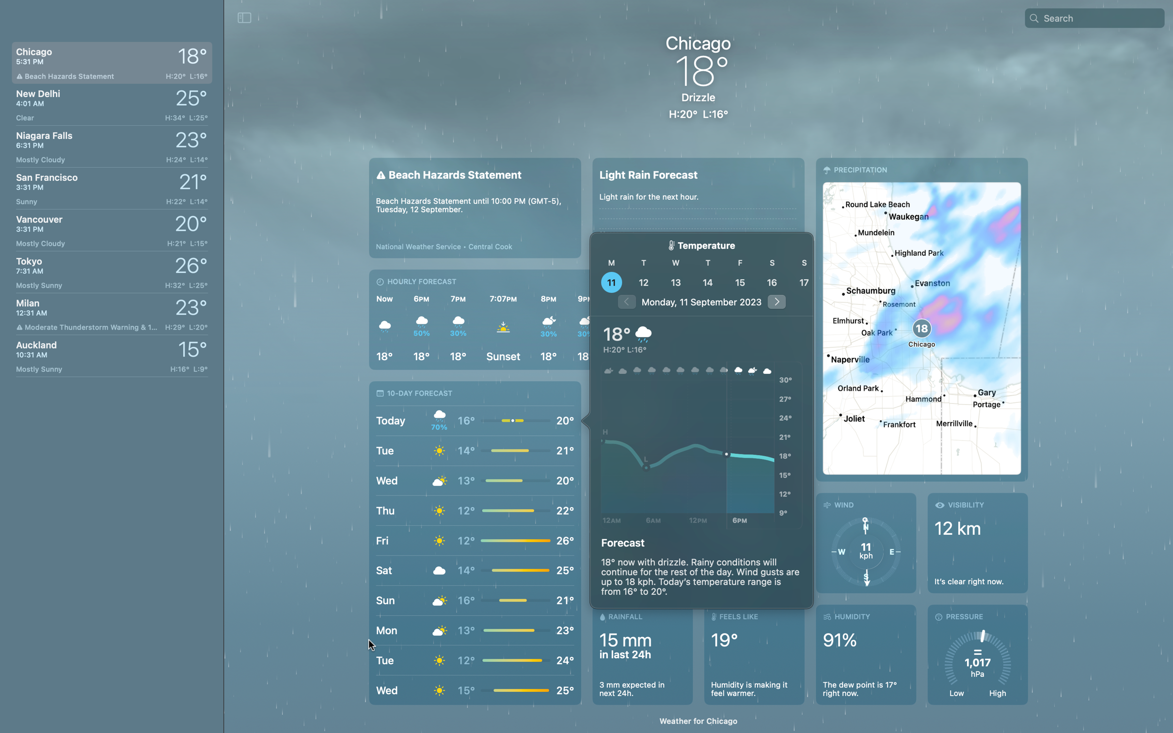 The width and height of the screenshot is (1173, 733). Describe the element at coordinates (111, 103) in the screenshot. I see `Look up the weather conditions in New Delhi` at that location.